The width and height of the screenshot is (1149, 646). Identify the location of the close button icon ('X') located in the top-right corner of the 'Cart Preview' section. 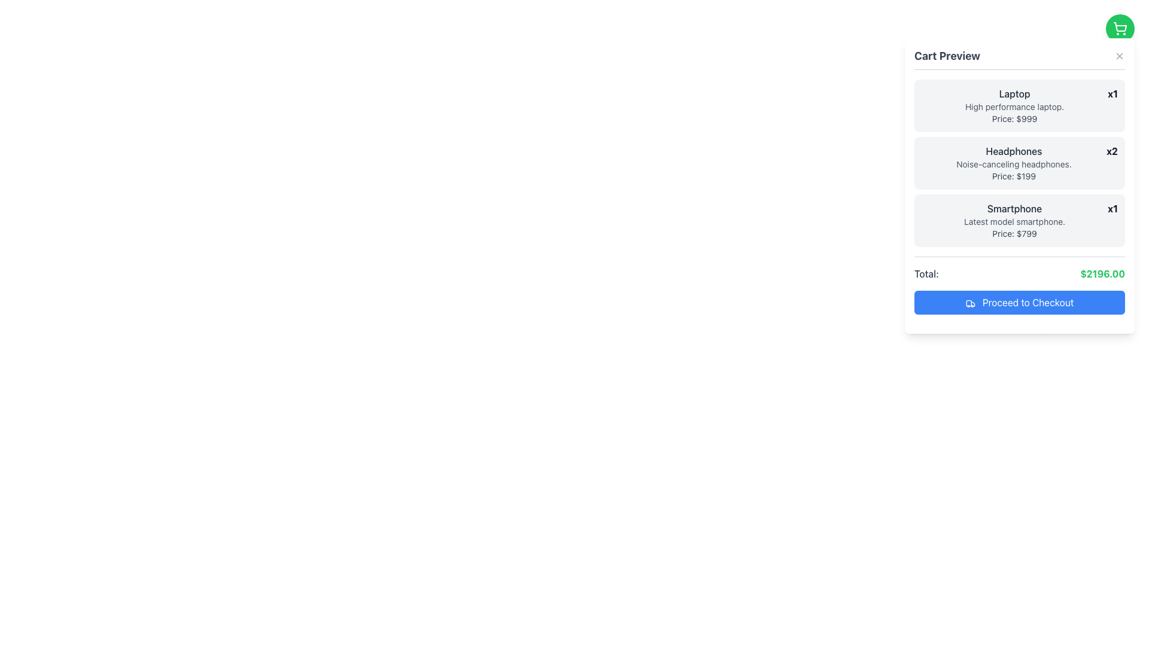
(1119, 56).